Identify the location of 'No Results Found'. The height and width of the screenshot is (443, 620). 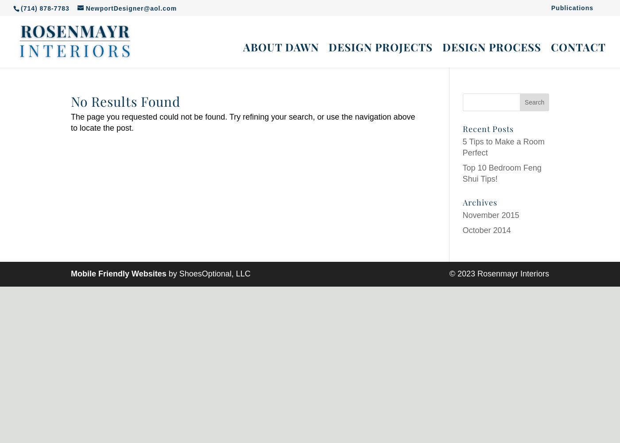
(125, 101).